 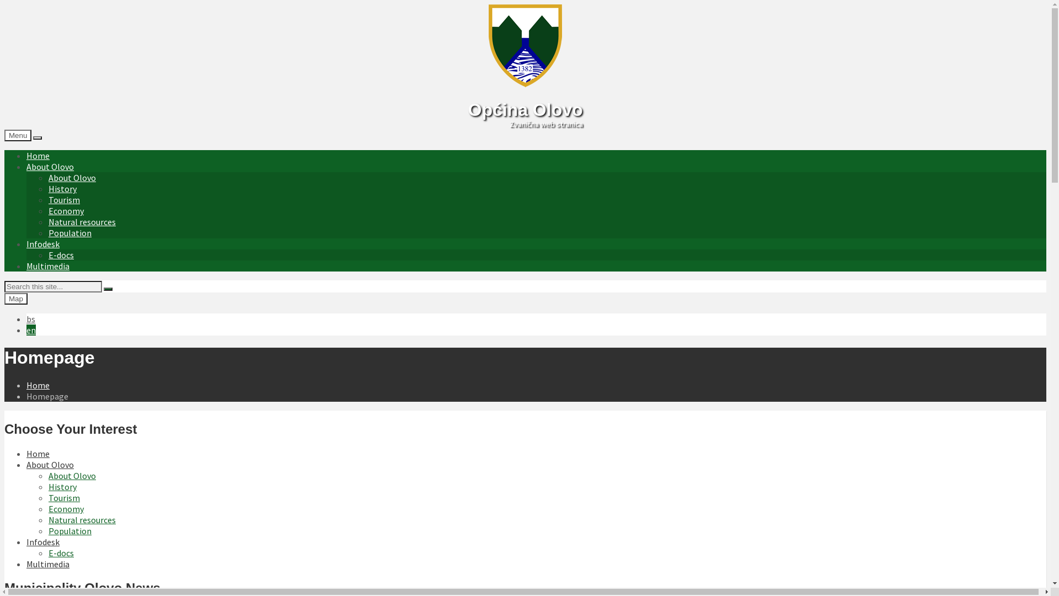 What do you see at coordinates (38, 155) in the screenshot?
I see `'Home'` at bounding box center [38, 155].